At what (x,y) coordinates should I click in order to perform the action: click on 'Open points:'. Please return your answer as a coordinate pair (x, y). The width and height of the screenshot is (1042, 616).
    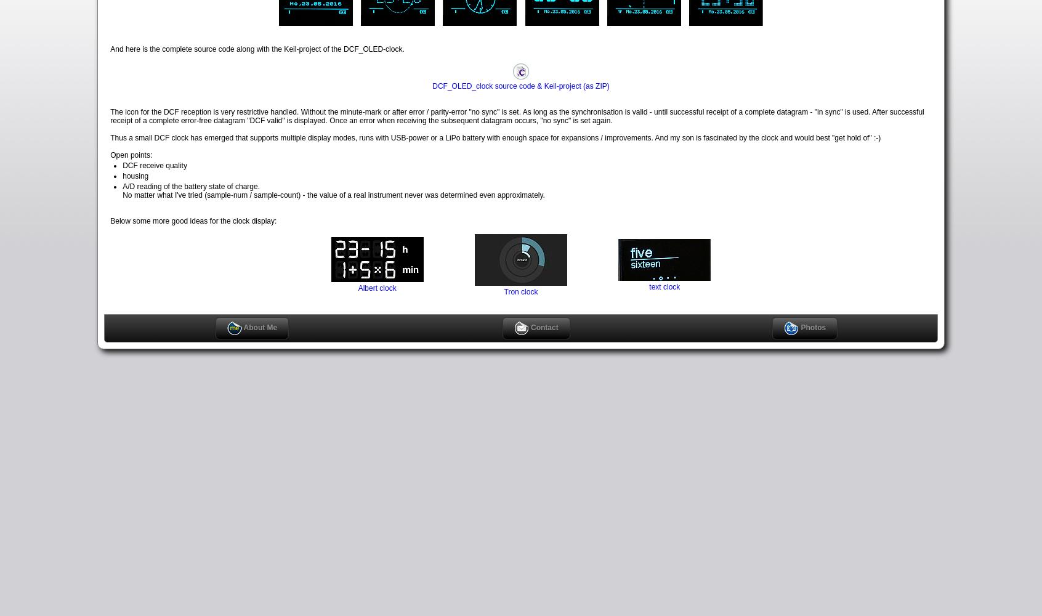
    Looking at the image, I should click on (110, 155).